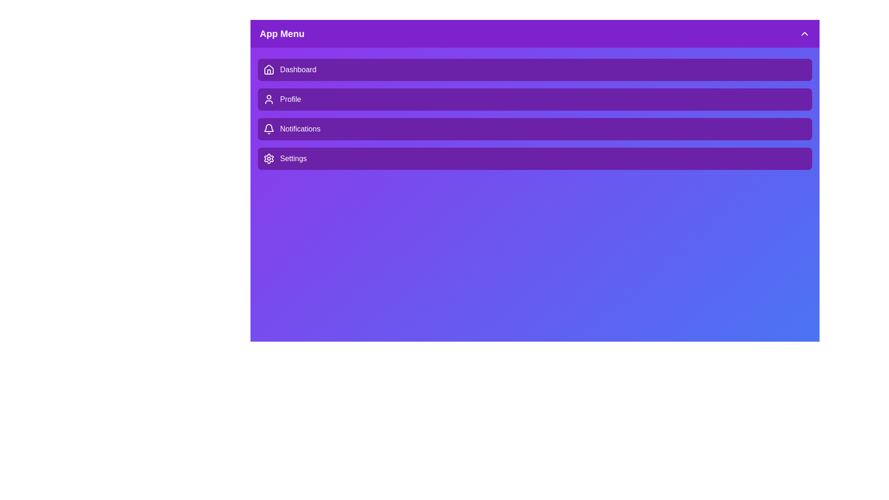 Image resolution: width=889 pixels, height=500 pixels. Describe the element at coordinates (804, 33) in the screenshot. I see `the ChevronDown icon to collapse the menu` at that location.